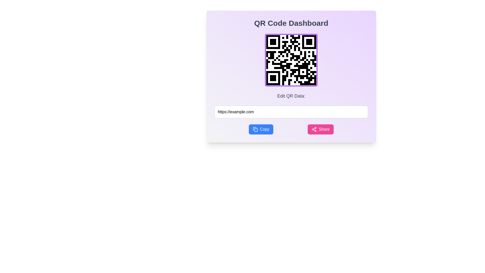  Describe the element at coordinates (314, 129) in the screenshot. I see `the sharing icon located on the left side of the 'Share' button, which indicates the functionality of sharing` at that location.